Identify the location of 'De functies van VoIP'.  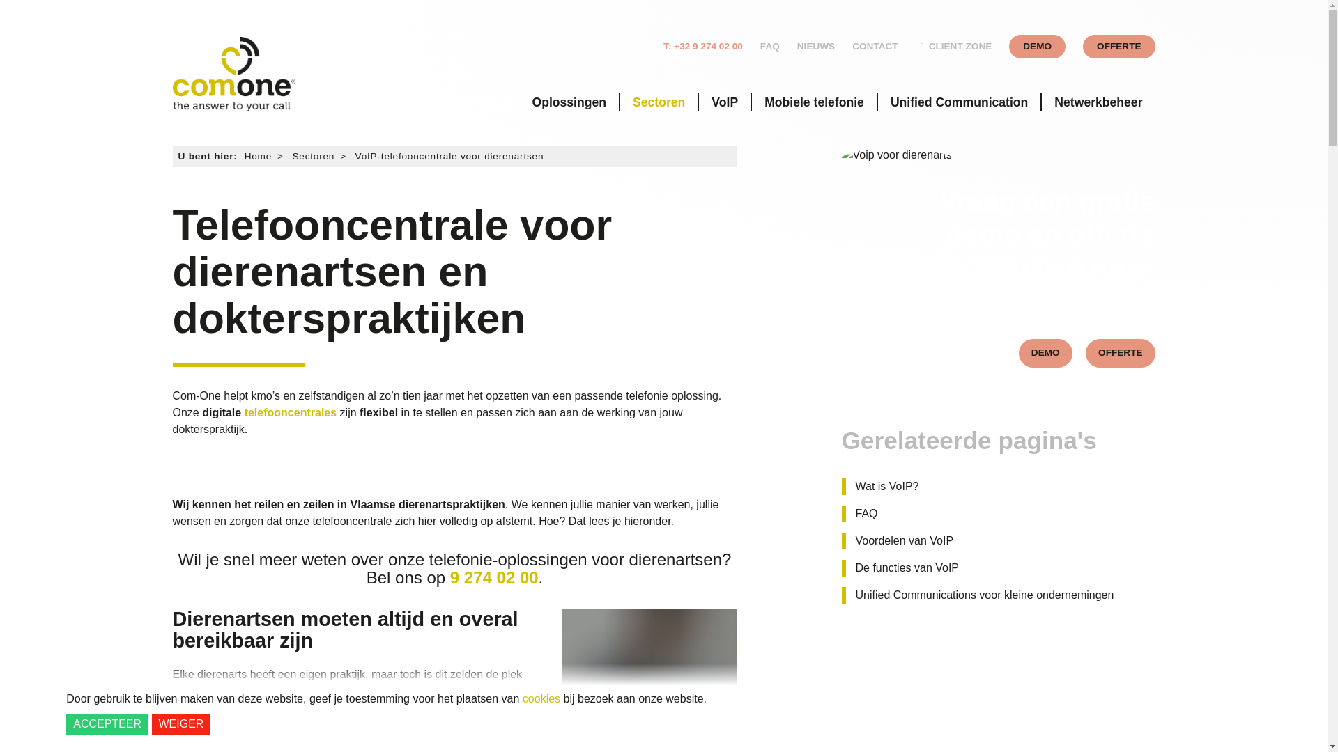
(902, 568).